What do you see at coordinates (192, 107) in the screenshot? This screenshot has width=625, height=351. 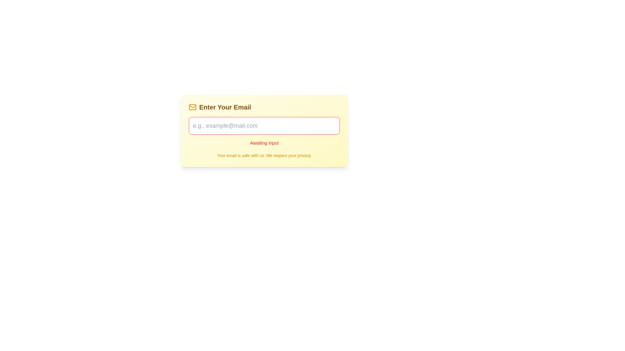 I see `the bottom rectangle component of the envelope icon, which is located at the top-left corner of the email input field section next to the label 'Enter Your Email'` at bounding box center [192, 107].